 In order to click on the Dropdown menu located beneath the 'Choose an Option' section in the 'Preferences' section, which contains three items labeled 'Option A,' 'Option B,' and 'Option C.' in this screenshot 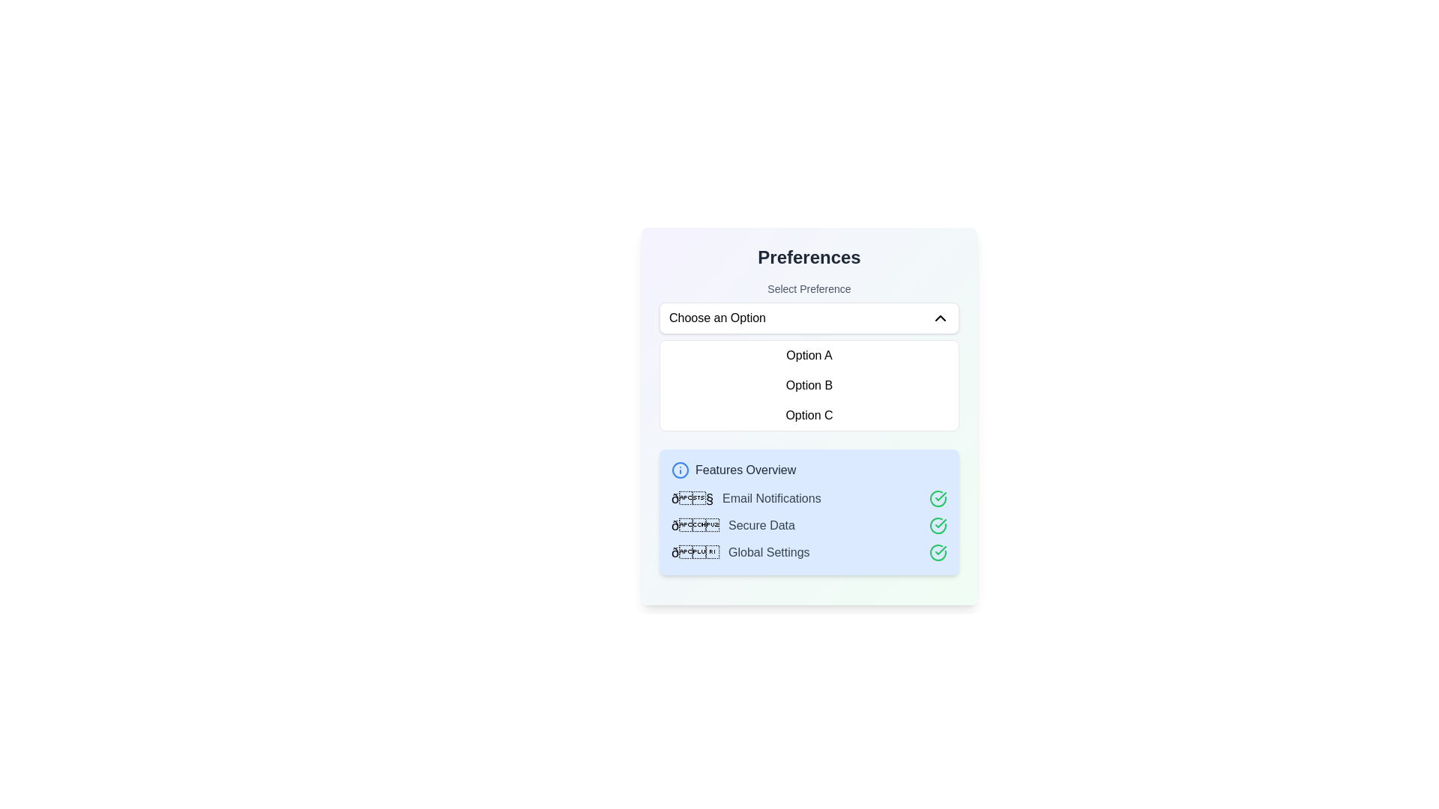, I will do `click(809, 385)`.